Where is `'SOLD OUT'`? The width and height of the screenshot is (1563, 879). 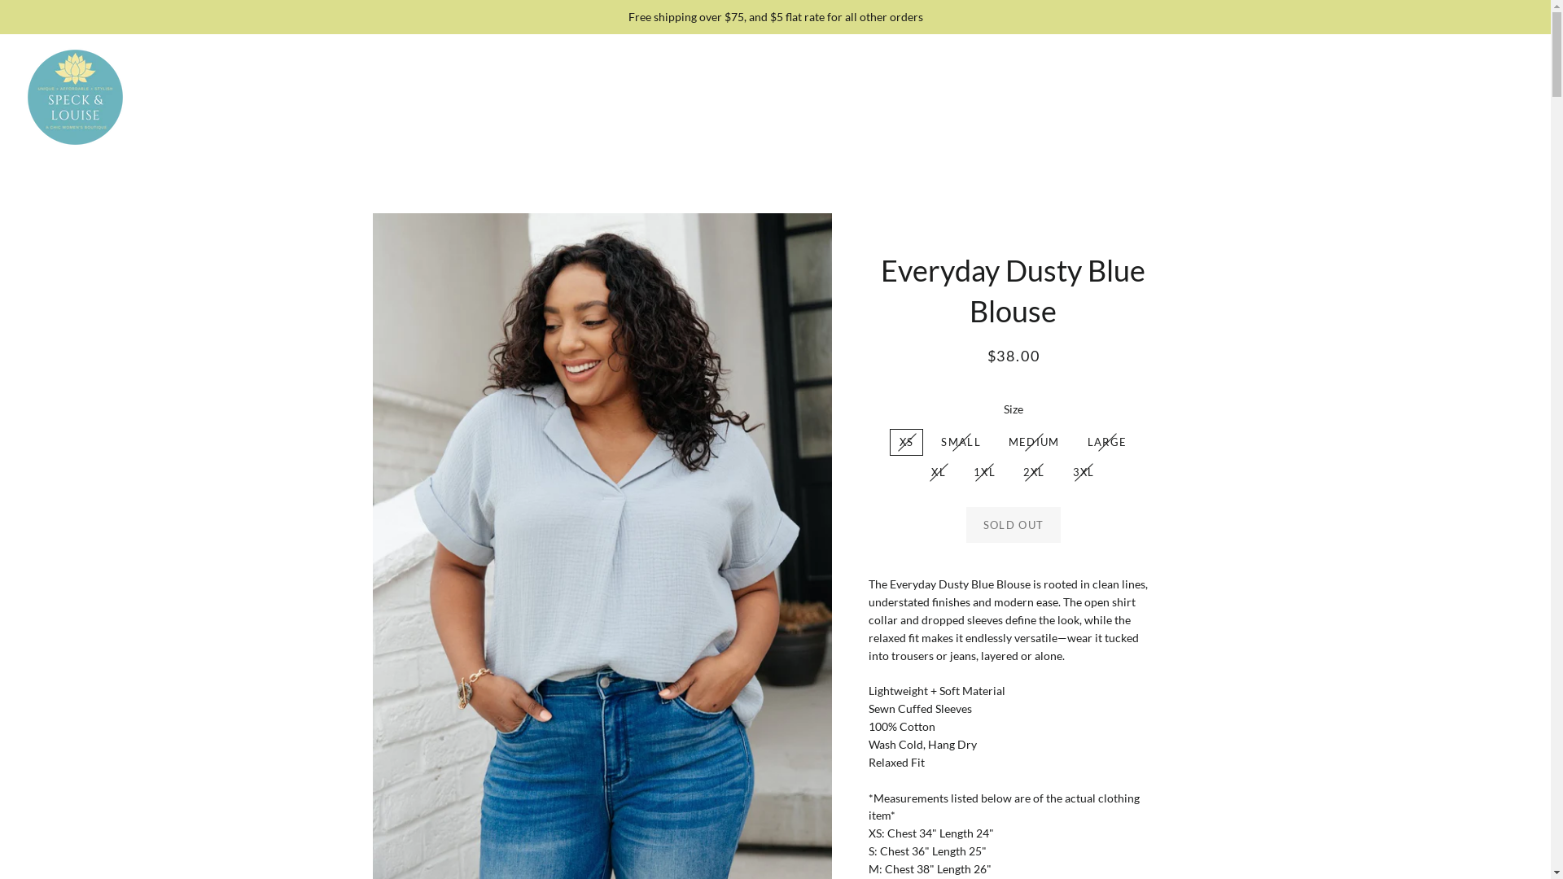 'SOLD OUT' is located at coordinates (1012, 524).